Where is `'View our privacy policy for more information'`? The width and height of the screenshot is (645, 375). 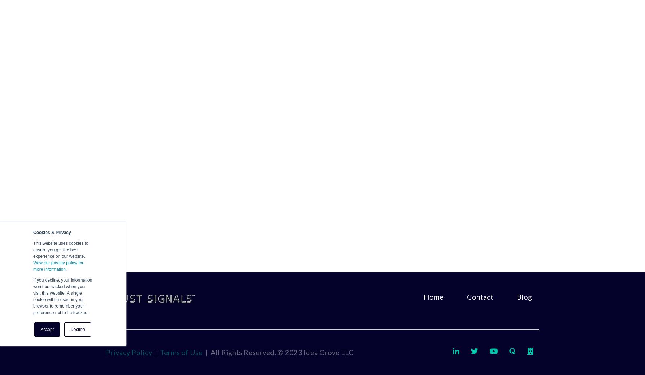 'View our privacy policy for more information' is located at coordinates (58, 266).